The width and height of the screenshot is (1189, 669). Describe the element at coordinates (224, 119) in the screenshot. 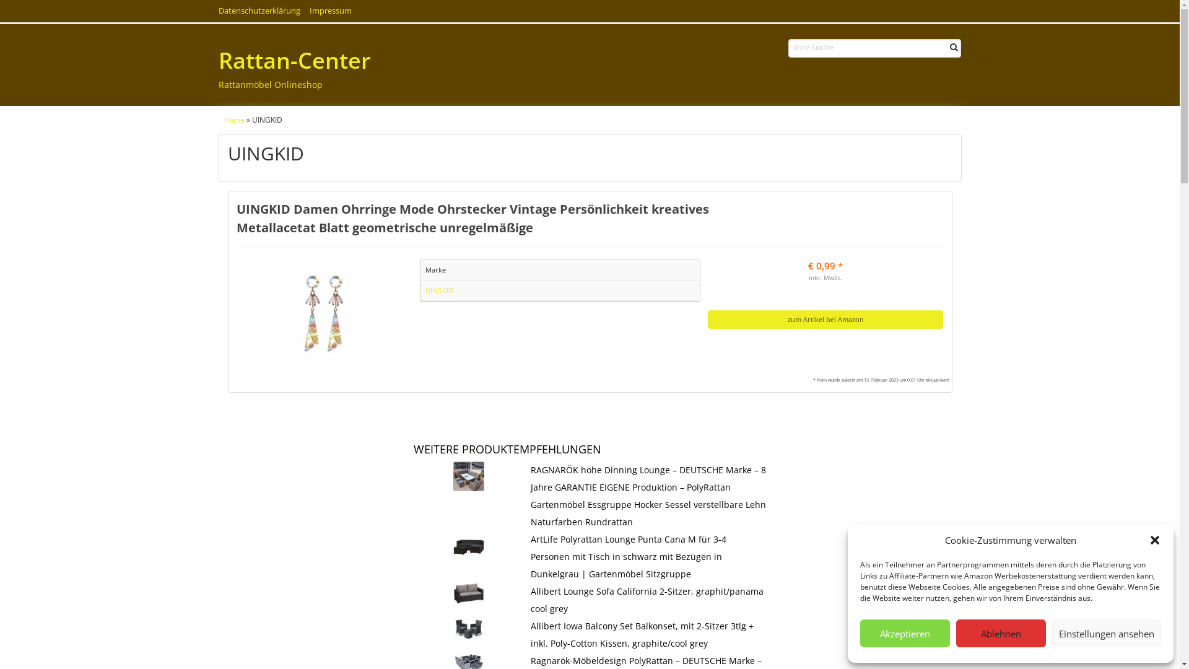

I see `'home'` at that location.